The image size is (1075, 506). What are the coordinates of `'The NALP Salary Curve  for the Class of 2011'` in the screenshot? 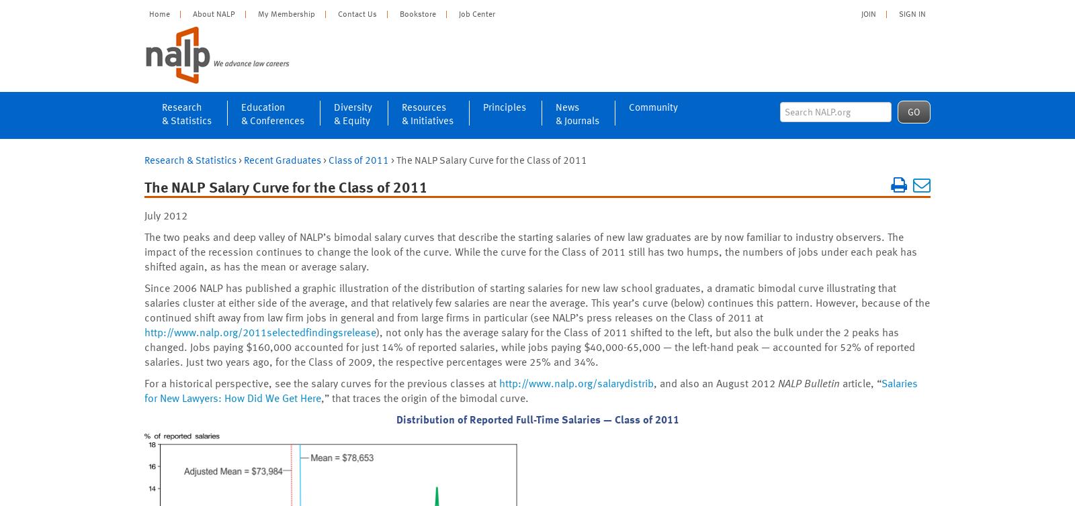 It's located at (285, 186).